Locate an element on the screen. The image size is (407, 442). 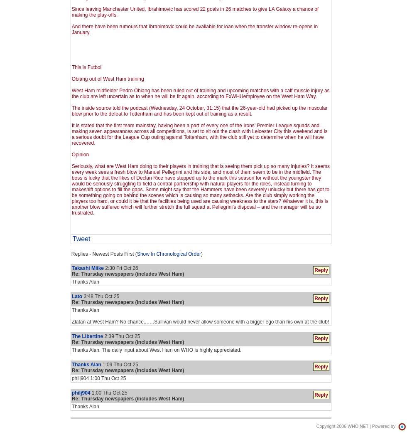
'2:39 Thu Oct 25' is located at coordinates (103, 336).